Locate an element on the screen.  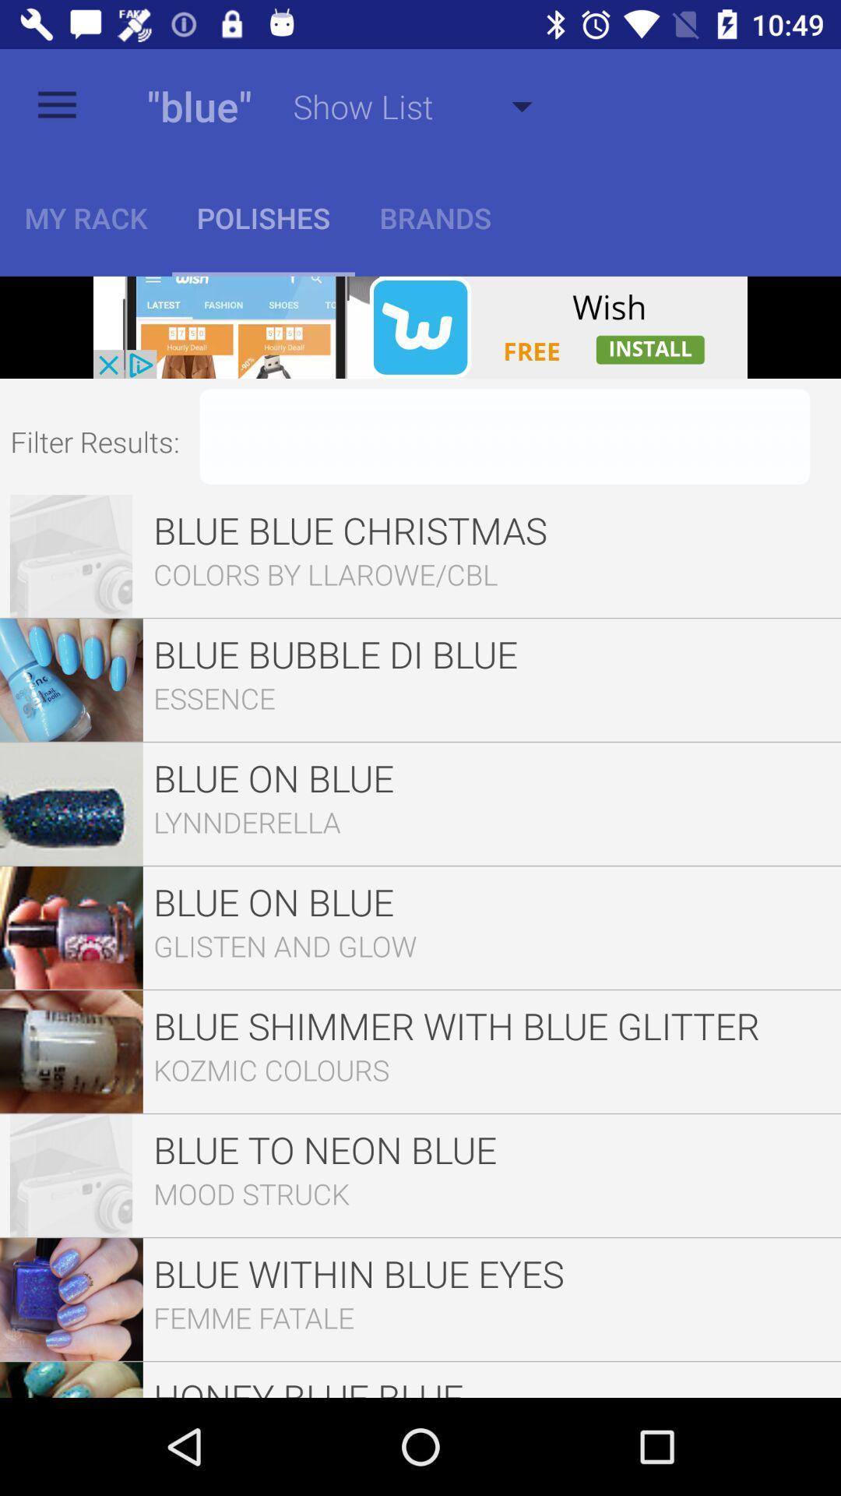
filter to results is located at coordinates (505, 436).